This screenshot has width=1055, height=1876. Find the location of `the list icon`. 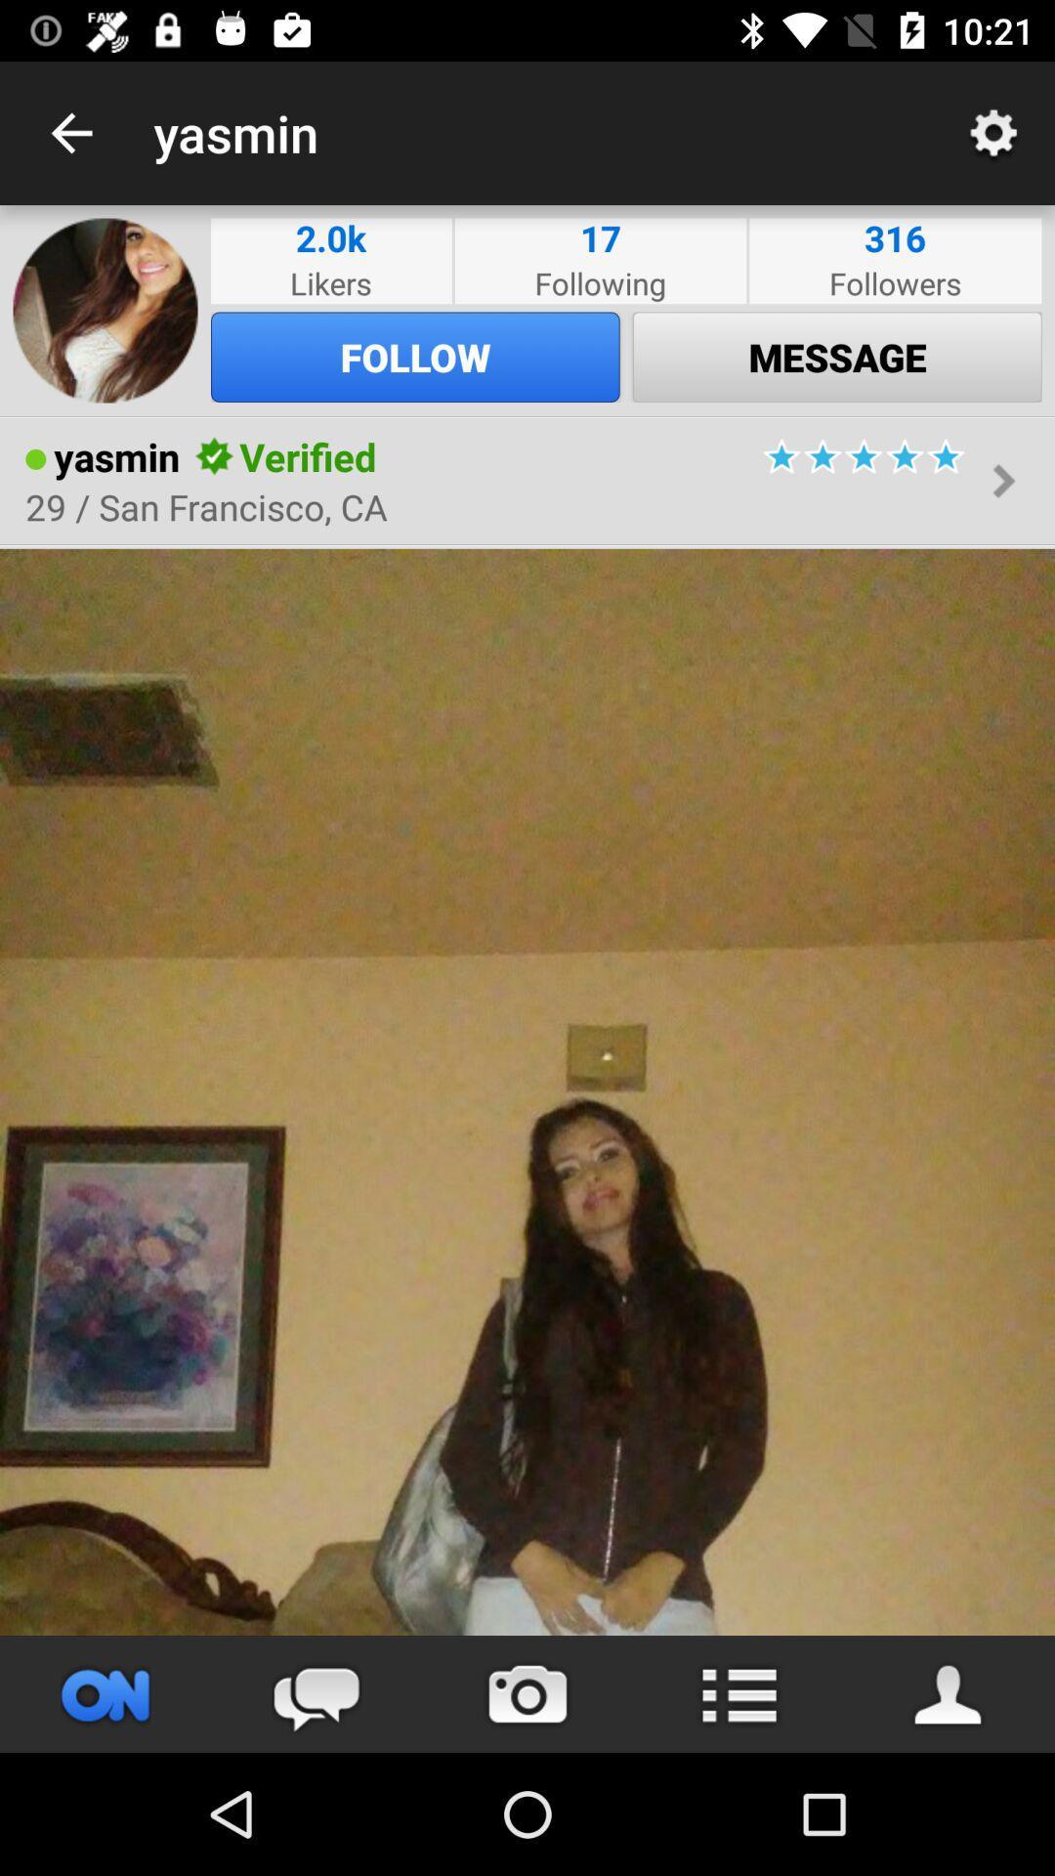

the list icon is located at coordinates (738, 1693).